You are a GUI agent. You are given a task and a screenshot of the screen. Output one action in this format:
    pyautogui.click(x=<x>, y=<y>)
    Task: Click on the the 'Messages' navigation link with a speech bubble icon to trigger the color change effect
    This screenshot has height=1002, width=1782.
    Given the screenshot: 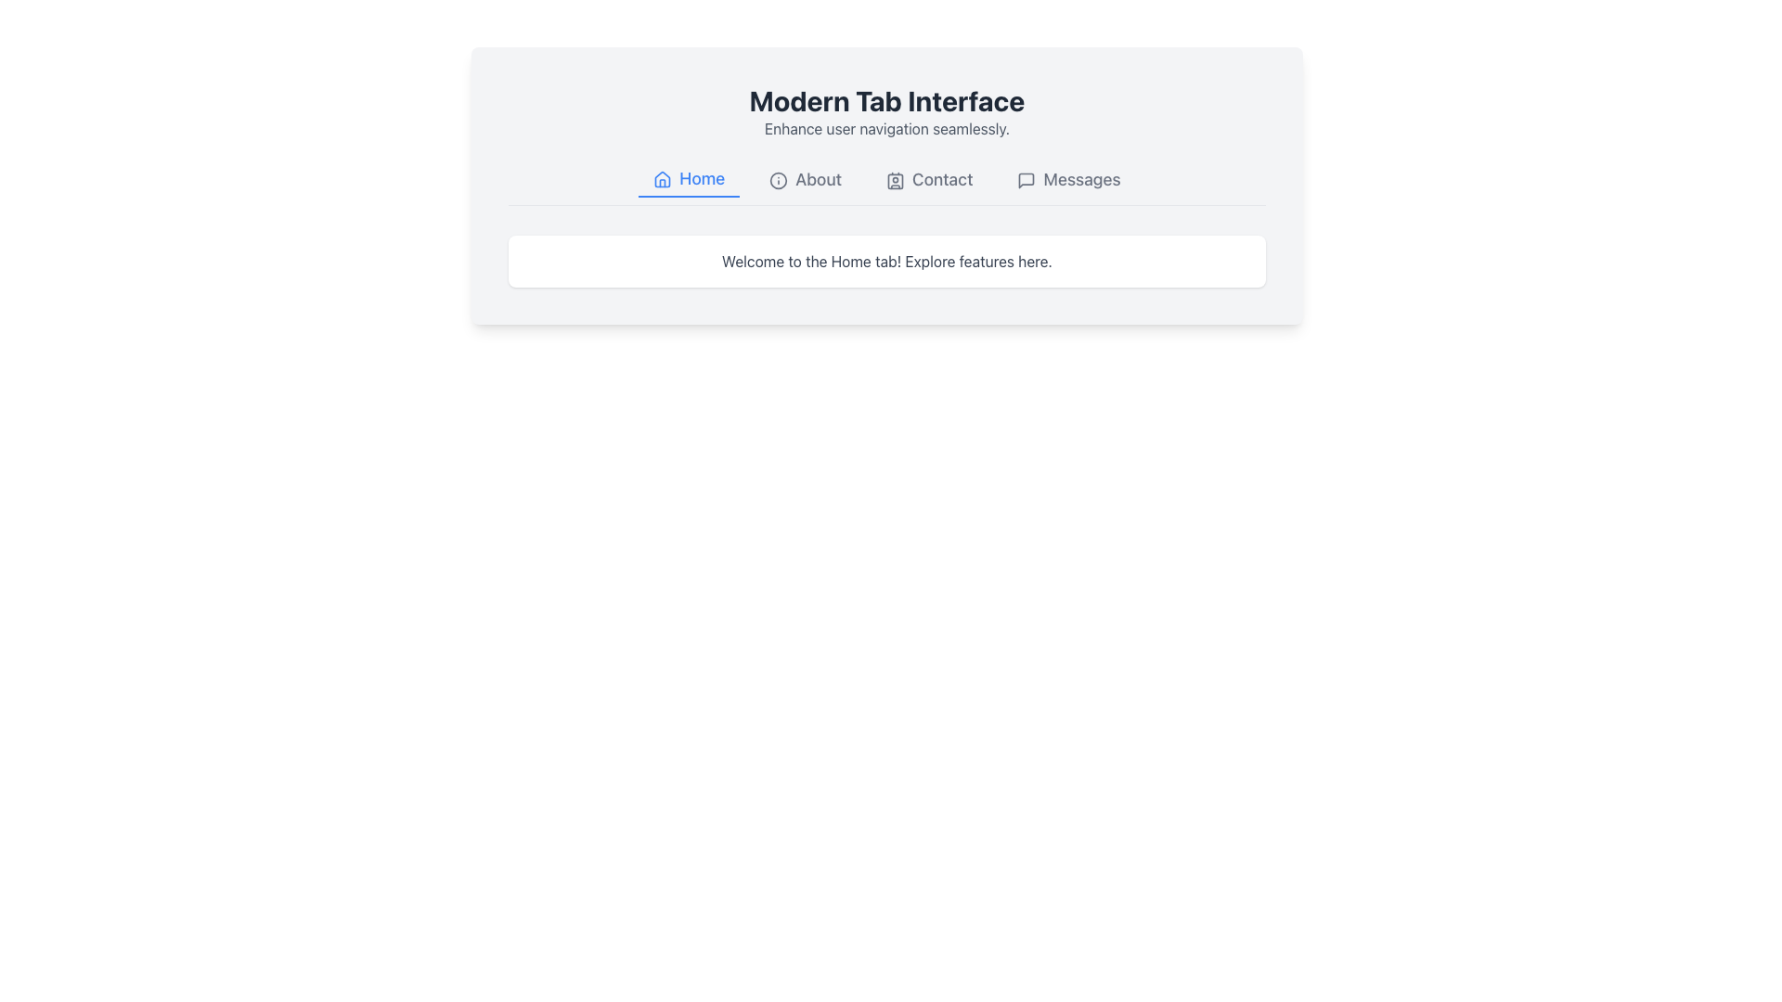 What is the action you would take?
    pyautogui.click(x=1069, y=179)
    